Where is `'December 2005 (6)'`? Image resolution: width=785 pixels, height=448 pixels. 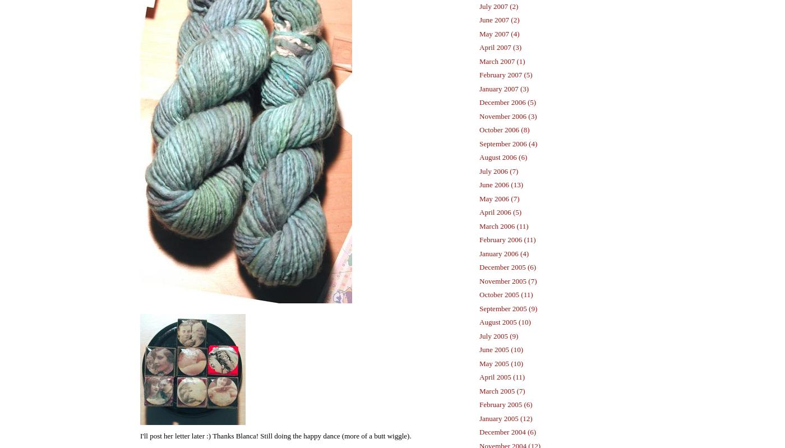 'December 2005 (6)' is located at coordinates (507, 266).